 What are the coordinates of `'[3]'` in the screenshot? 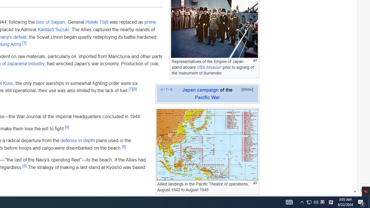 It's located at (24, 42).